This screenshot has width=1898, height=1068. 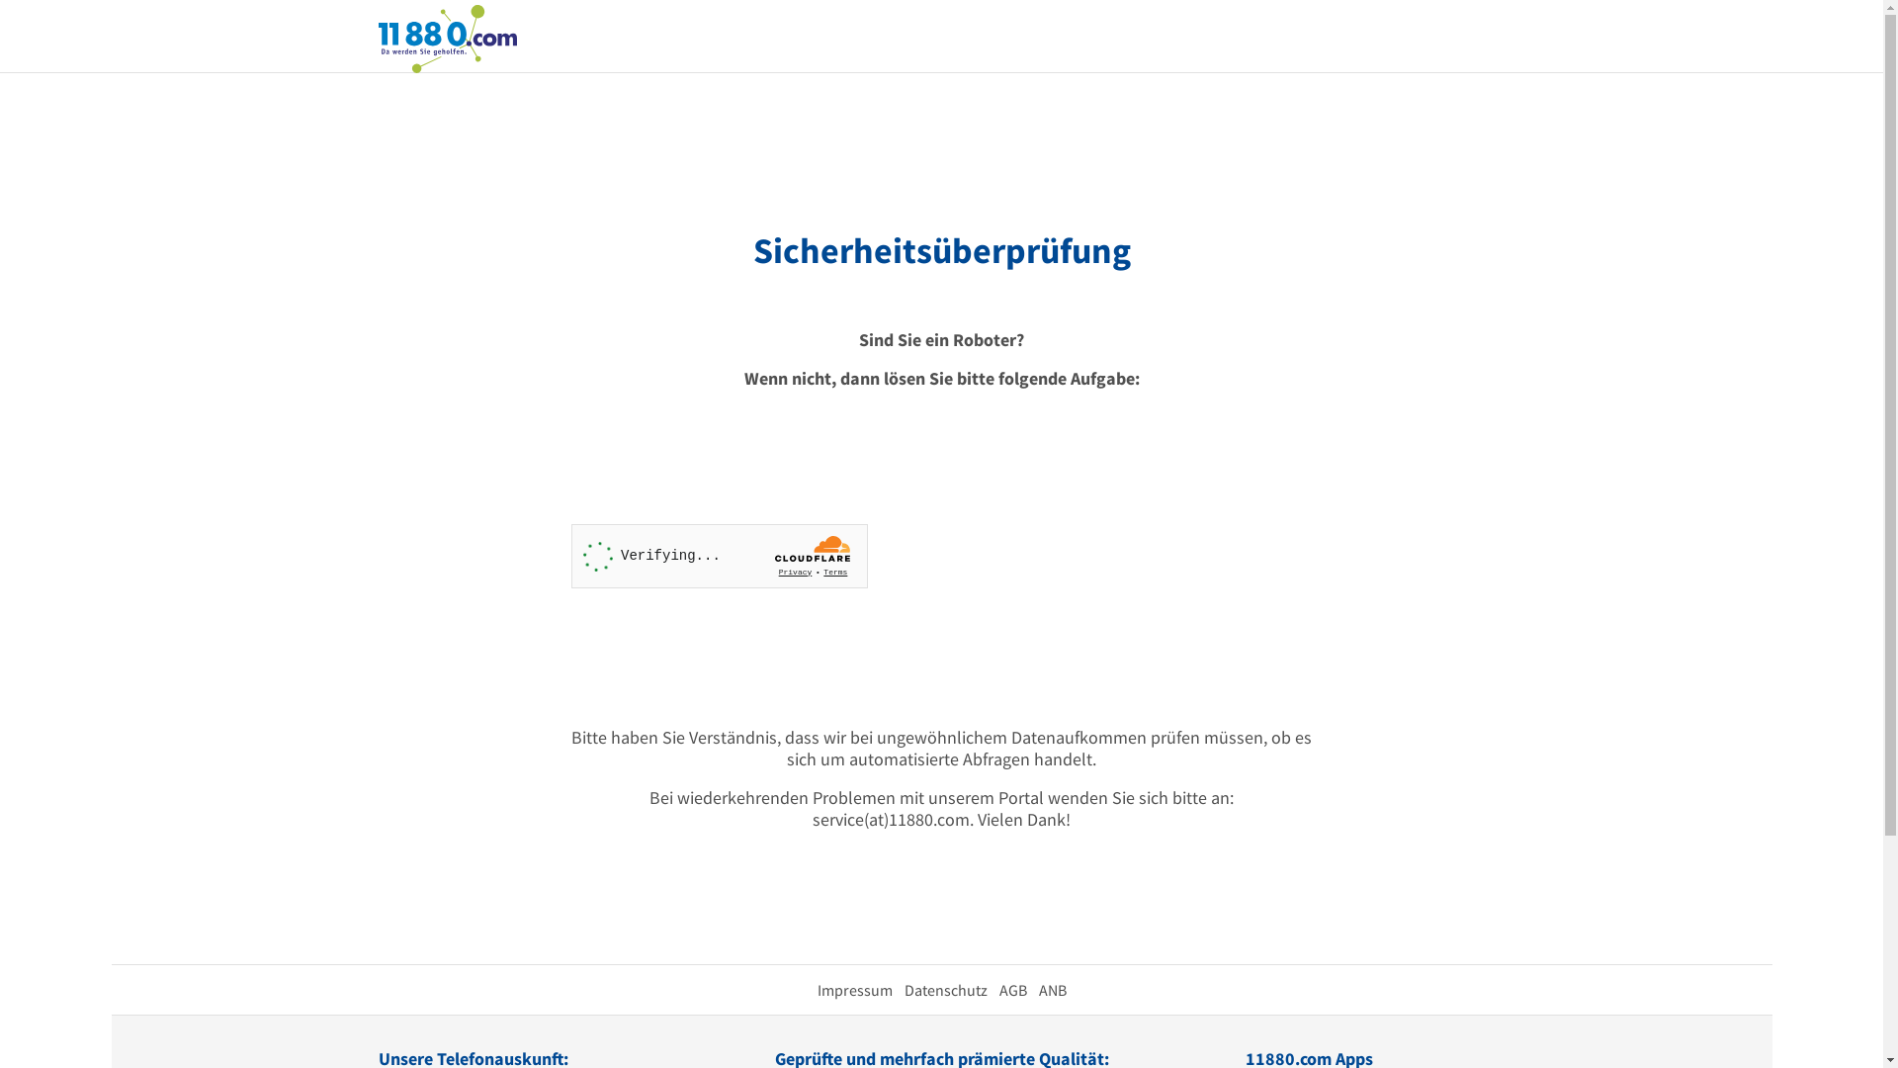 What do you see at coordinates (378, 37) in the screenshot?
I see `'11880.com'` at bounding box center [378, 37].